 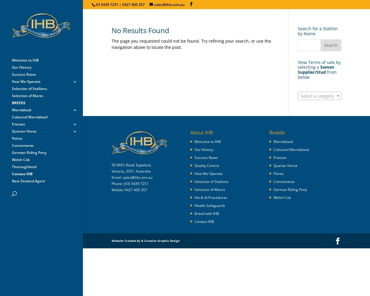 I want to click on 'Breeds', so click(x=277, y=132).